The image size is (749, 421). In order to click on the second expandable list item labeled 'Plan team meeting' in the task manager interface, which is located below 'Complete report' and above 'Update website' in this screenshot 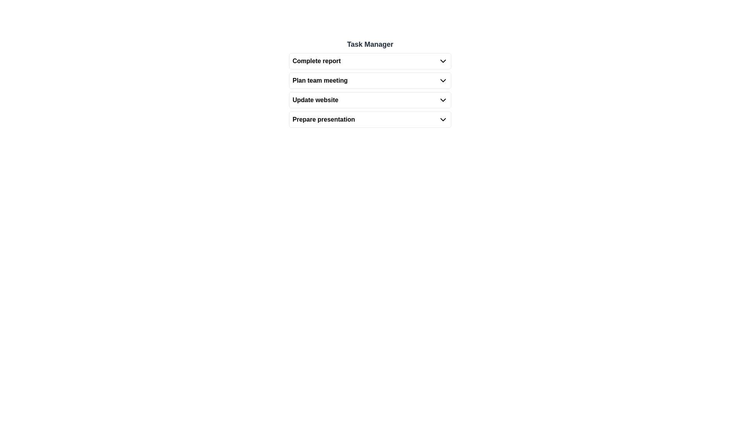, I will do `click(370, 81)`.